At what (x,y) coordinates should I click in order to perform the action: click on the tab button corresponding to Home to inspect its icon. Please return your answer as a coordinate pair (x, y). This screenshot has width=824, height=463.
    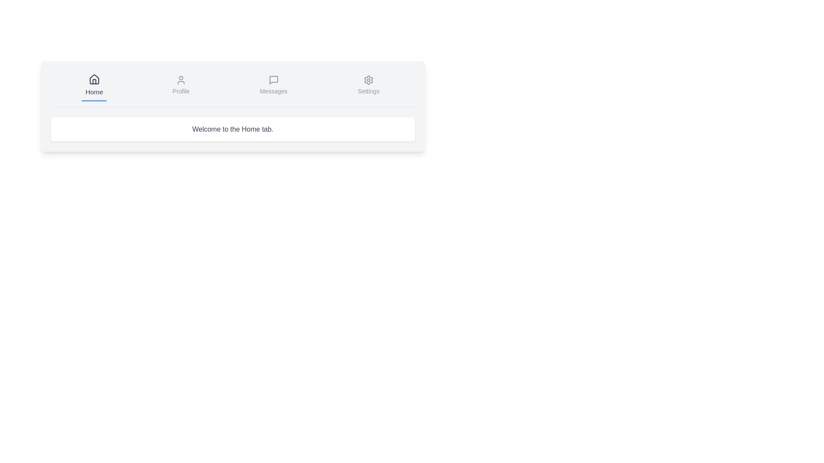
    Looking at the image, I should click on (94, 86).